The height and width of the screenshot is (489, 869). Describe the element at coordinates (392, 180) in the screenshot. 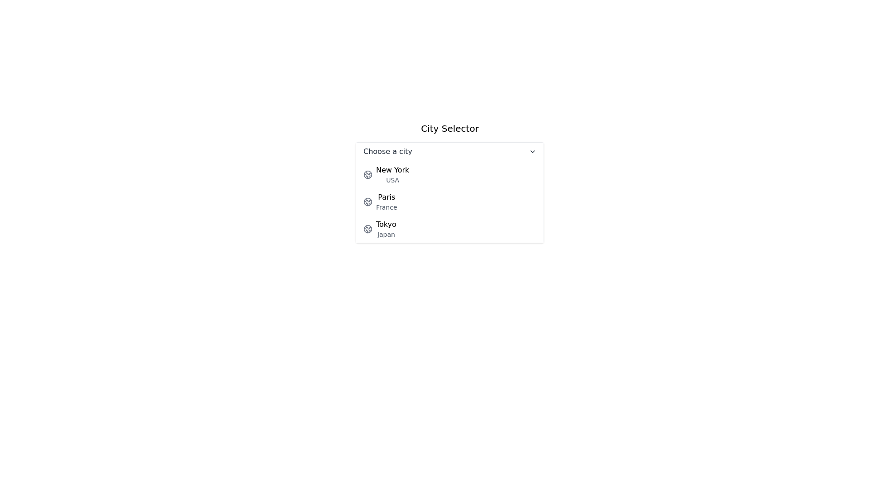

I see `the text display element showing 'USA', which is styled with a small font size and gray color, located beneath the 'New York' text in the dropdown list` at that location.